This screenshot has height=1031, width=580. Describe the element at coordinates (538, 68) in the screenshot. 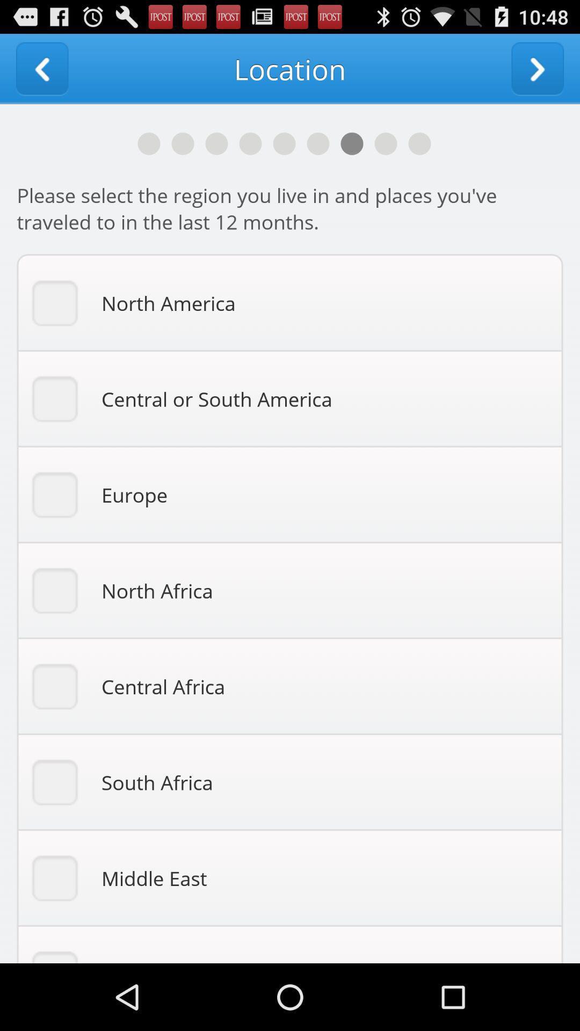

I see `page forward` at that location.